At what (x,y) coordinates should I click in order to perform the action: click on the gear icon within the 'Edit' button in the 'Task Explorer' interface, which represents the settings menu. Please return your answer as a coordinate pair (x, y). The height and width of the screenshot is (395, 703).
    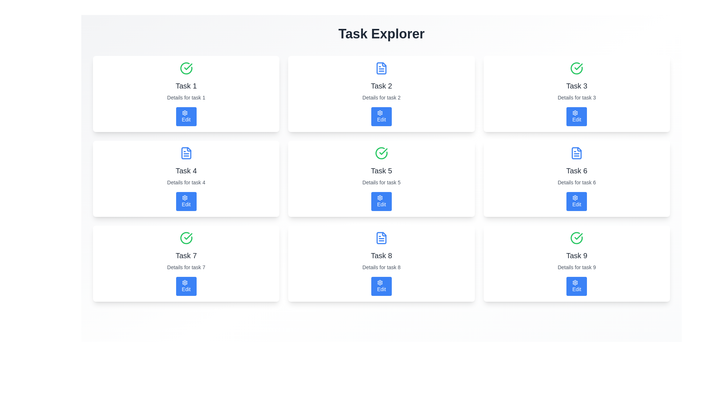
    Looking at the image, I should click on (380, 197).